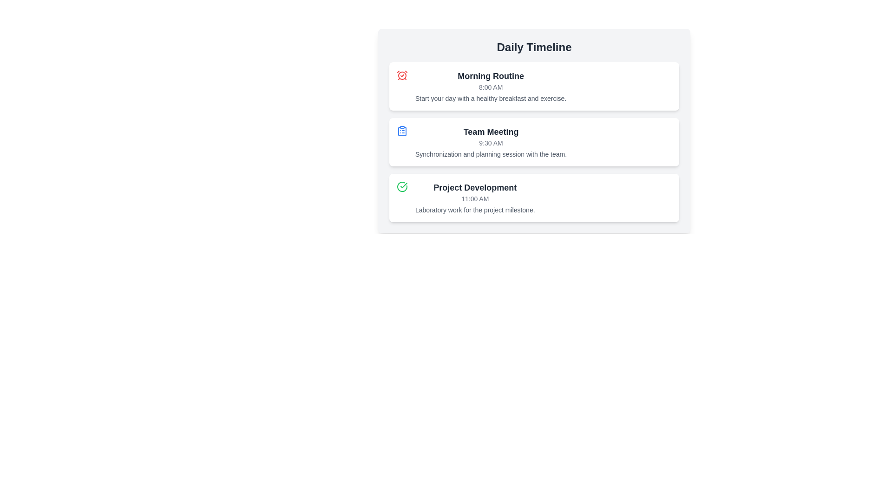 This screenshot has width=892, height=502. What do you see at coordinates (402, 186) in the screenshot?
I see `the status icon located at the top-left corner of the 'Project Development' card next to its title text` at bounding box center [402, 186].